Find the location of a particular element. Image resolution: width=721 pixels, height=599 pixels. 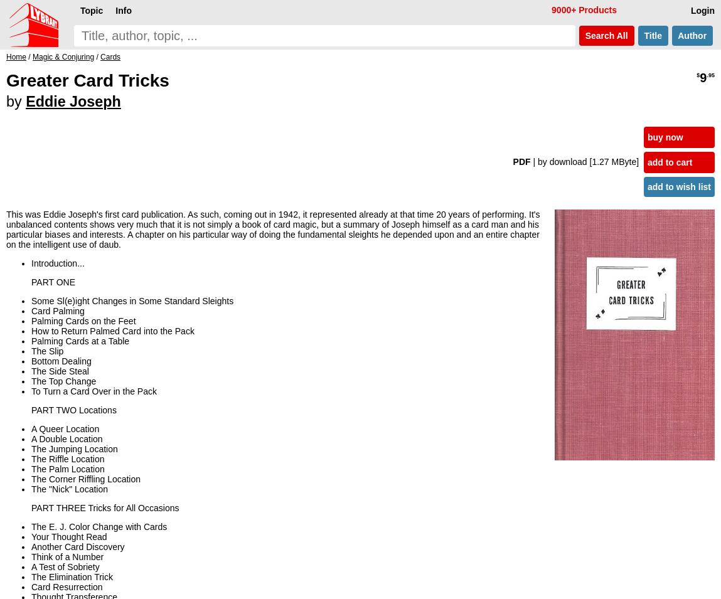

'Eddie Joseph' is located at coordinates (72, 101).